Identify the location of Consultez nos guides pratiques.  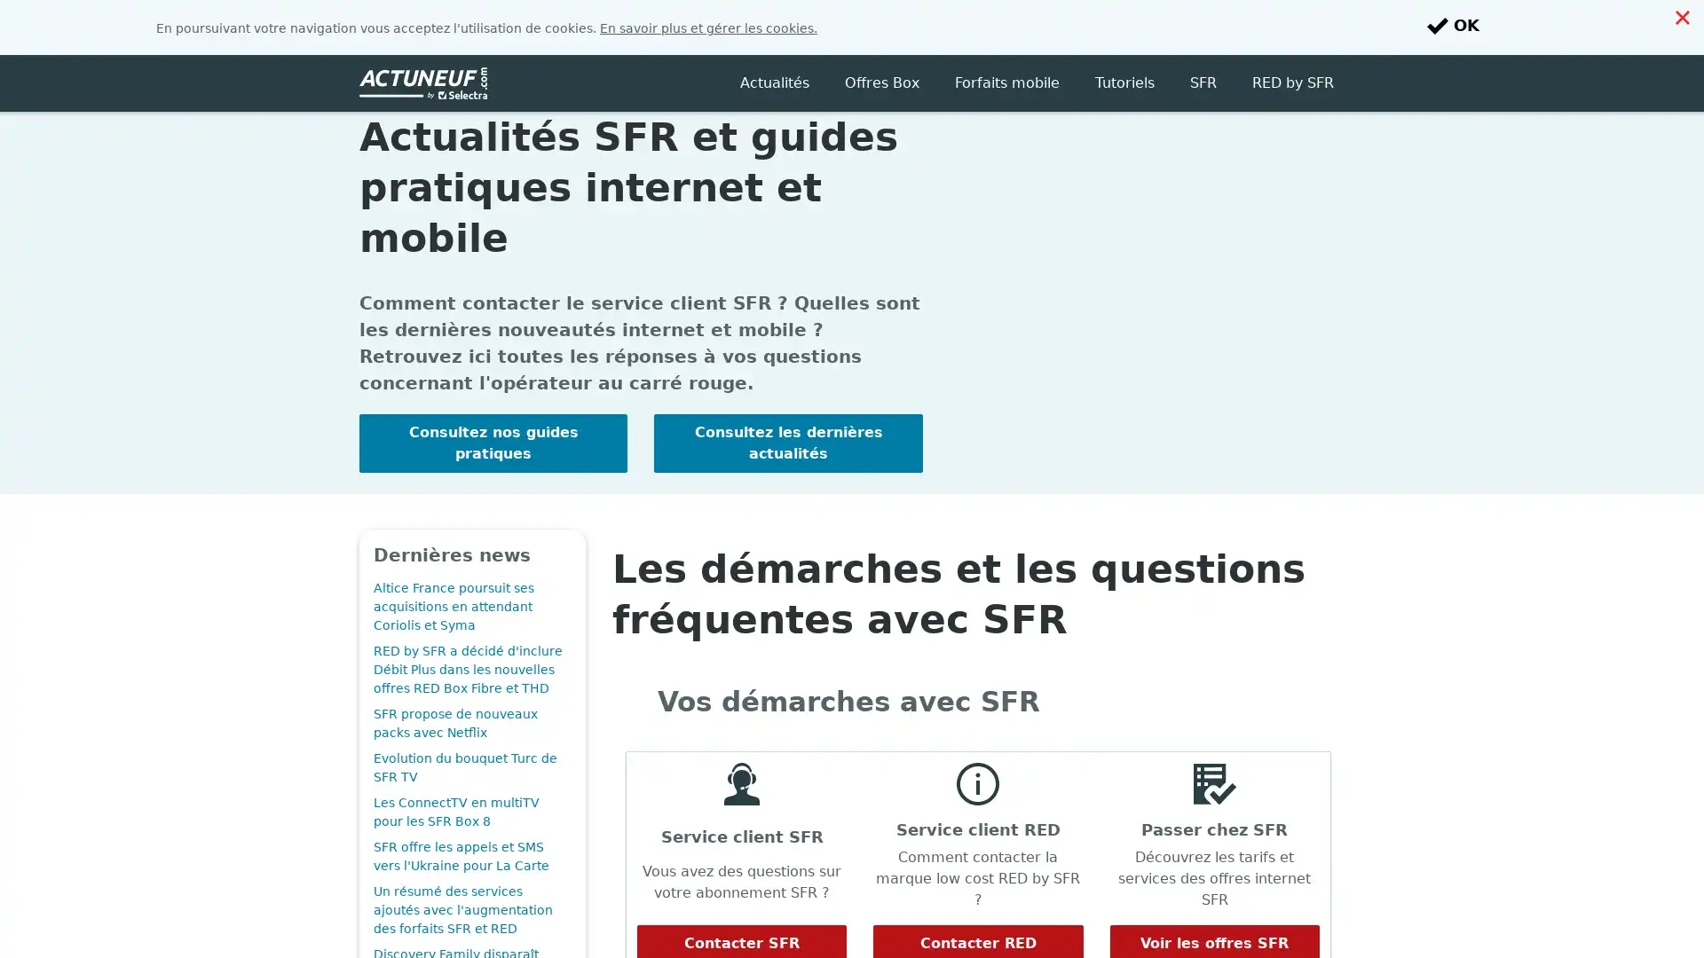
(493, 388).